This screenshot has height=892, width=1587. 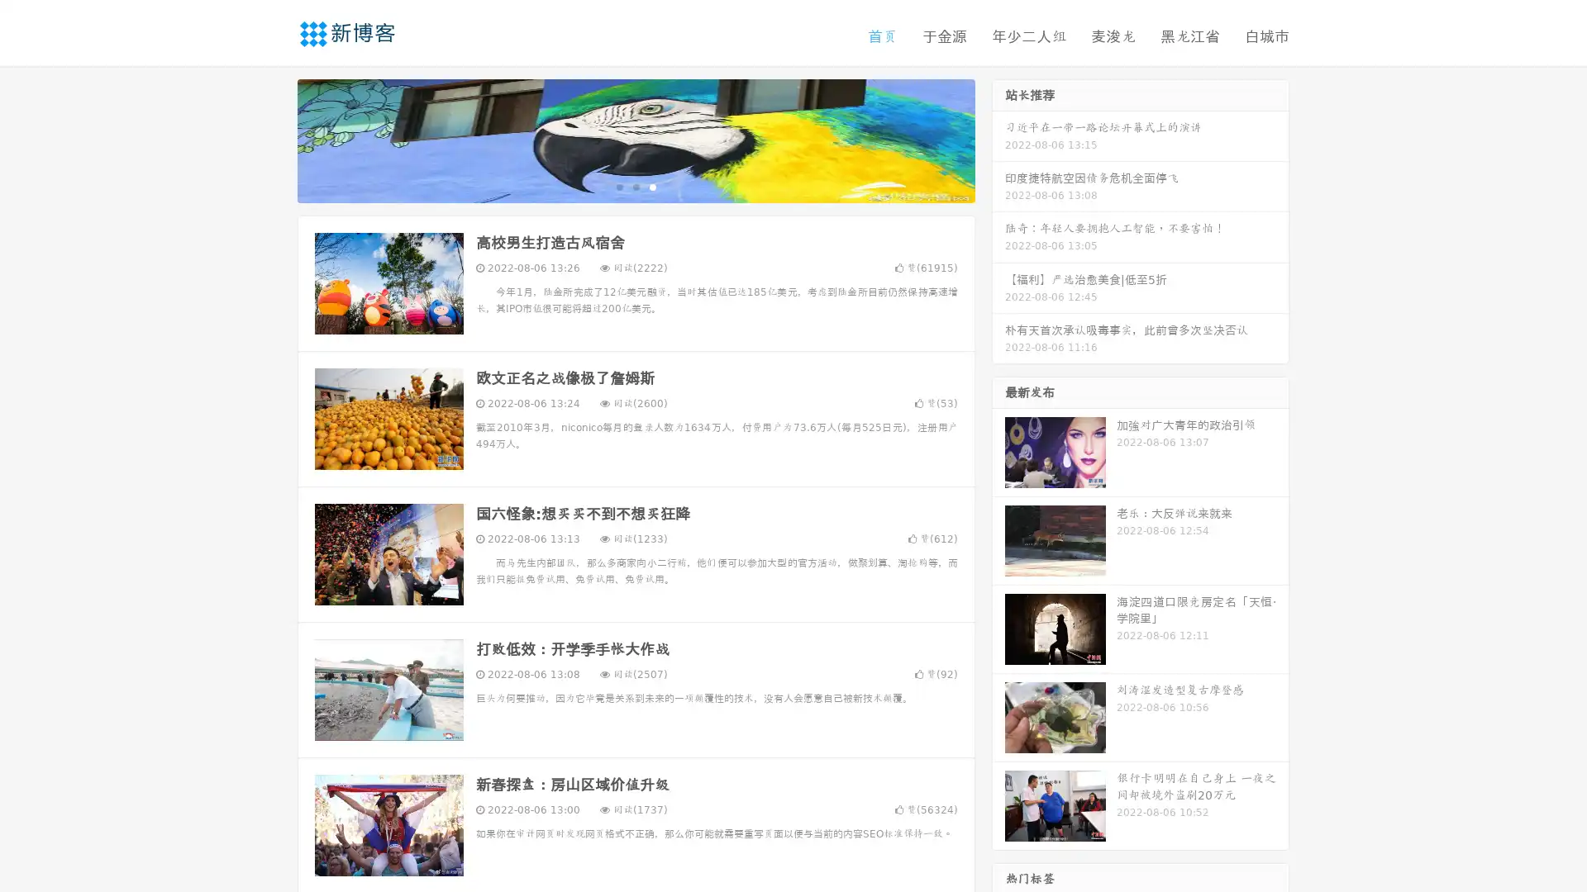 I want to click on Go to slide 3, so click(x=652, y=186).